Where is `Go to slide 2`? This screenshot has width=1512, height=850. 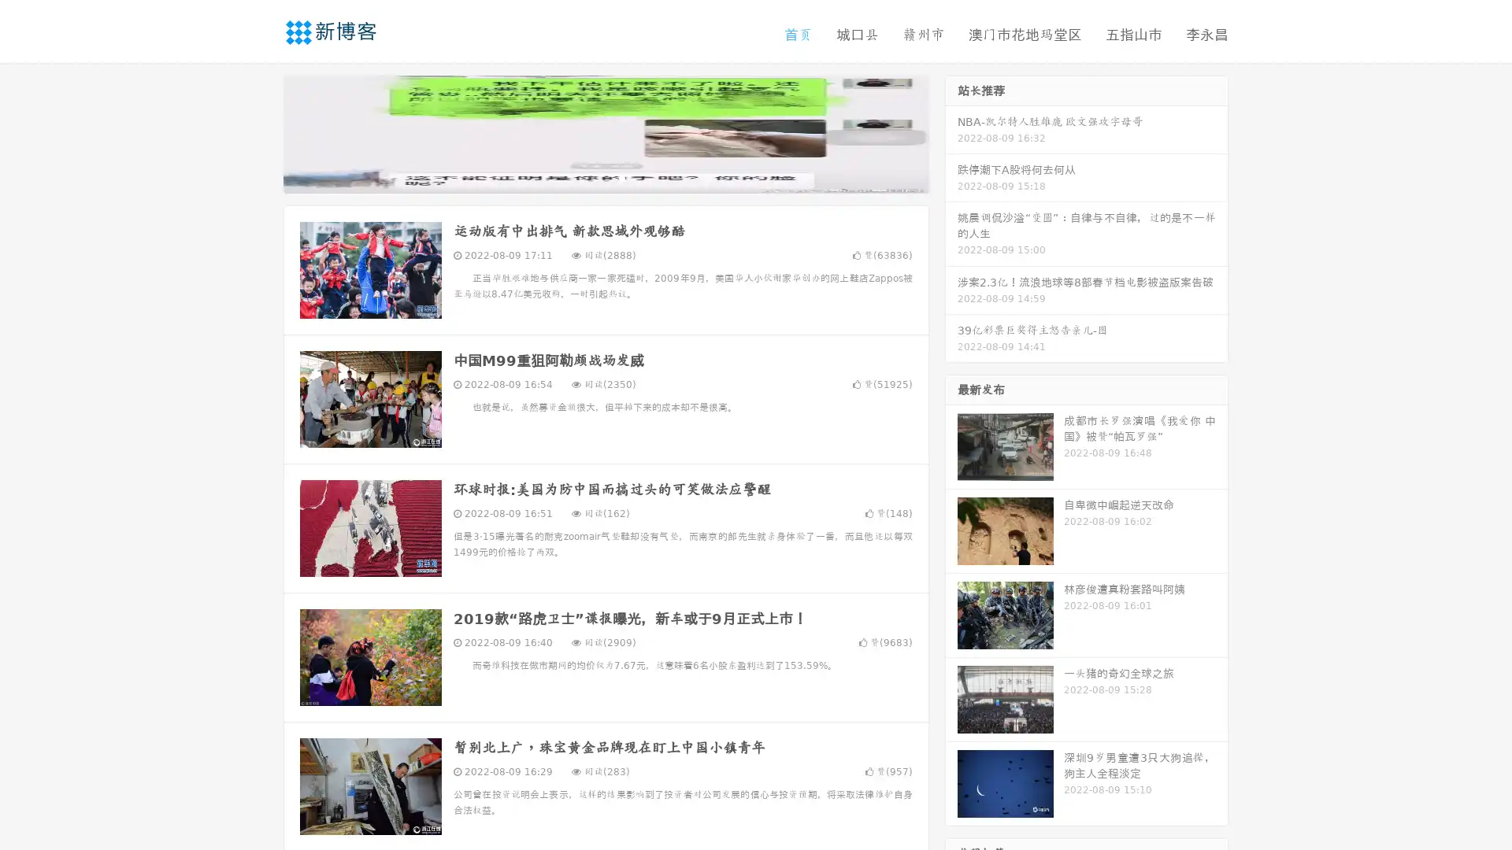
Go to slide 2 is located at coordinates (605, 177).